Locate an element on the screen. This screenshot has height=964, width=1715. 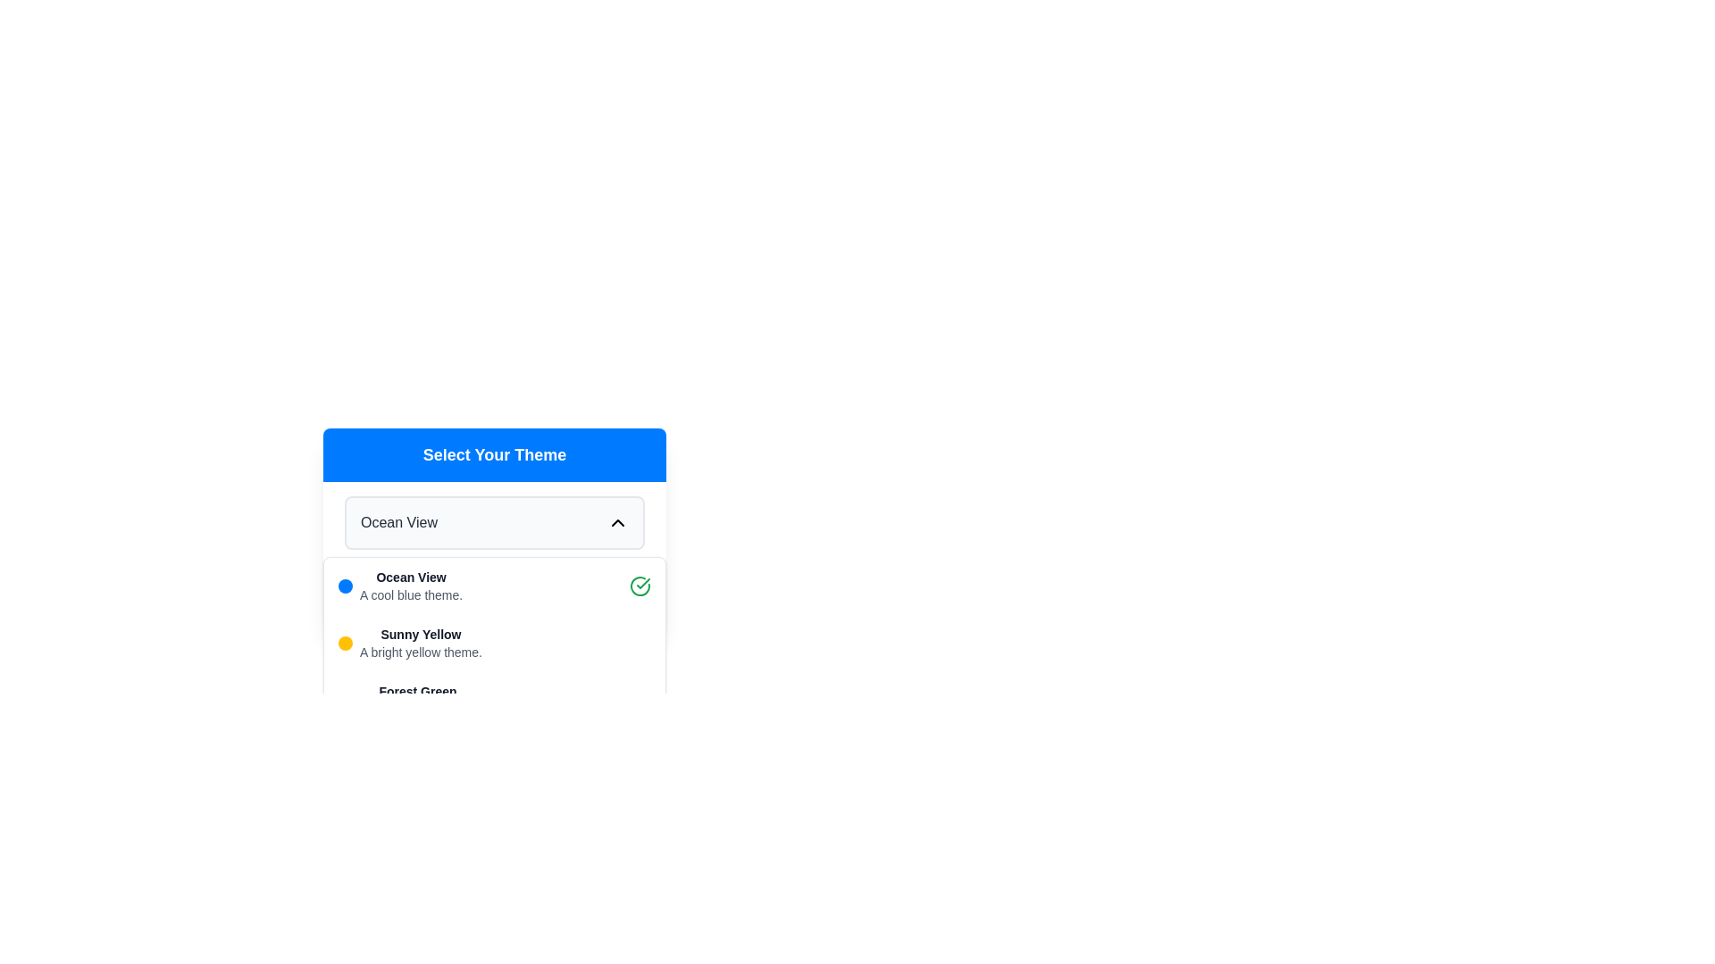
the static textual label reading 'A cool blue theme.' located below the 'Ocean View' text in the dropdown menu is located at coordinates (410, 595).